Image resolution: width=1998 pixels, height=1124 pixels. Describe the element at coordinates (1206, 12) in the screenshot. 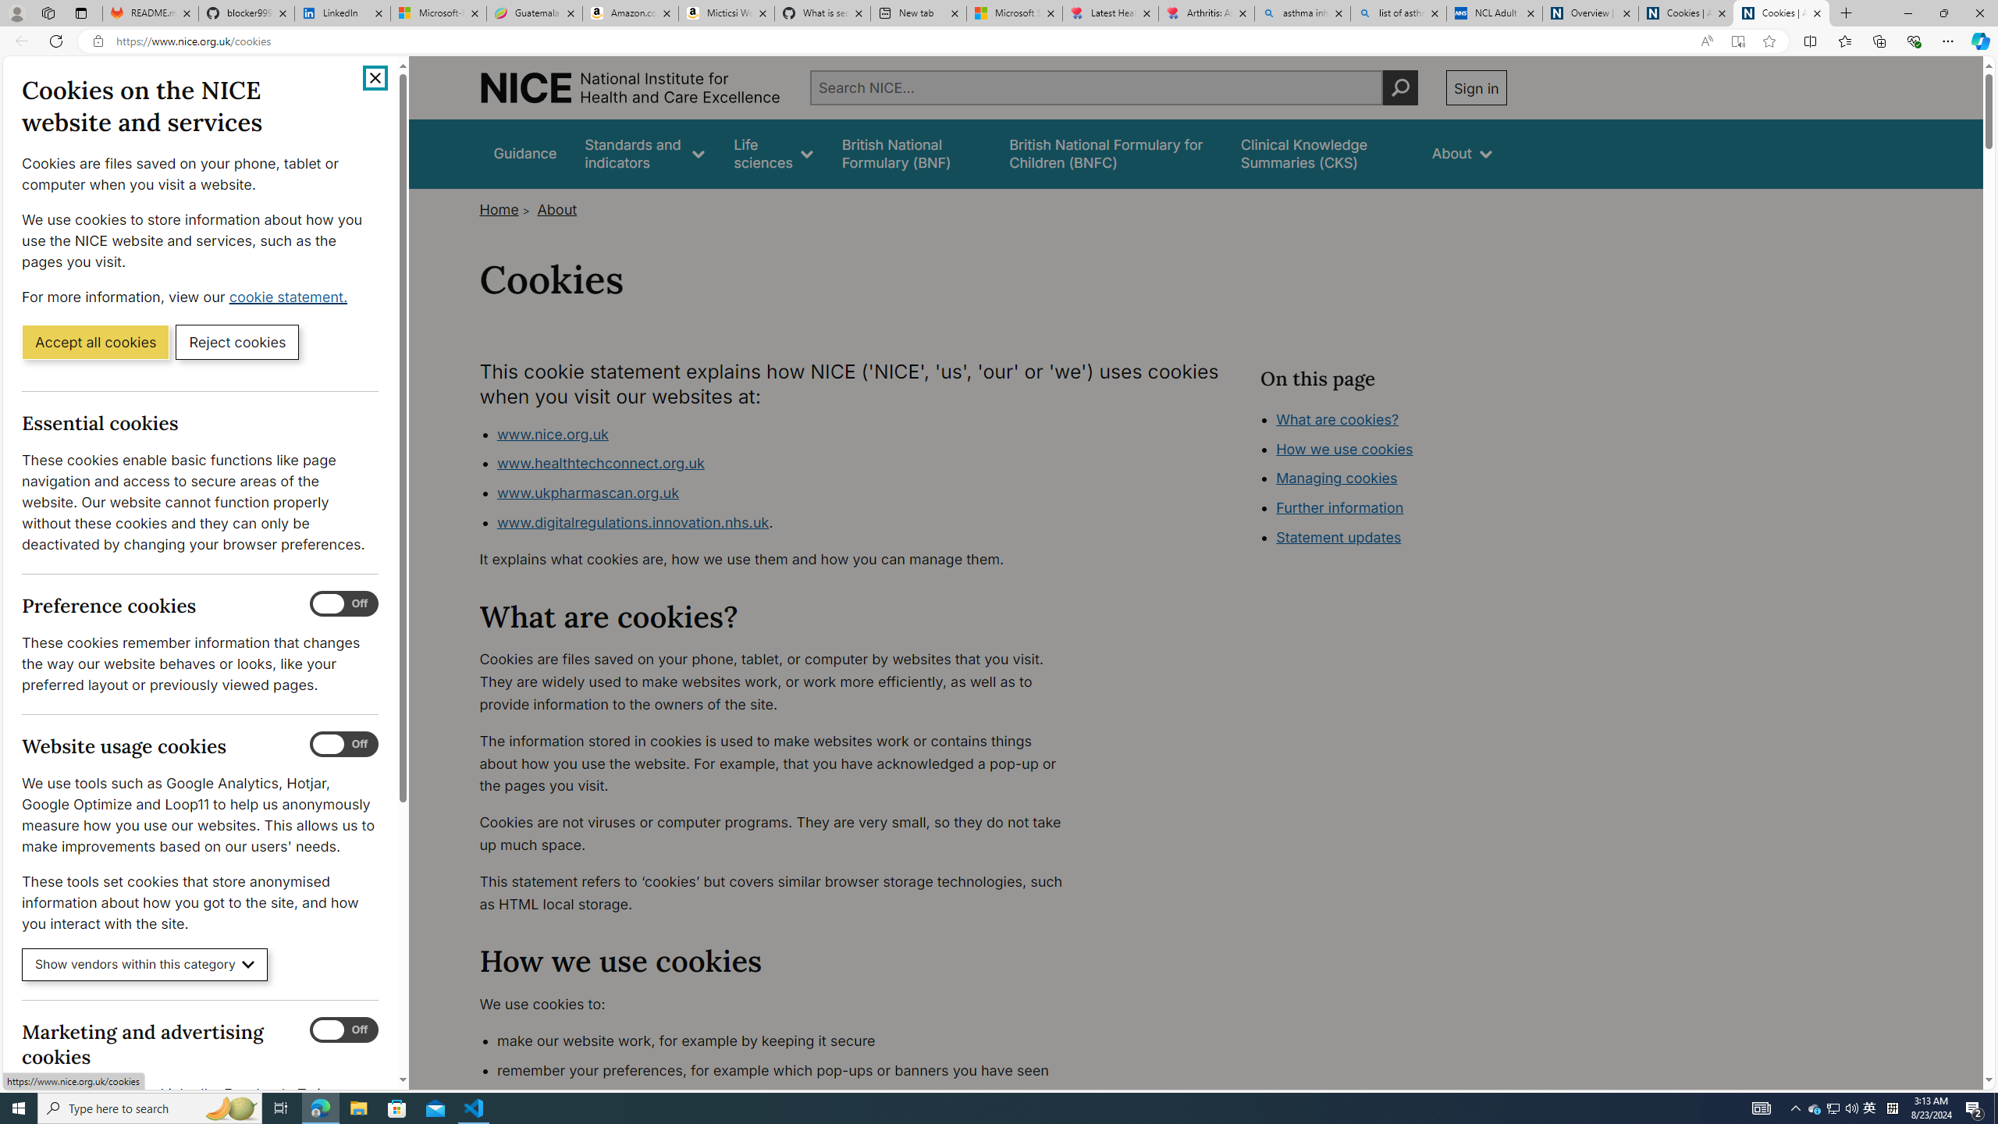

I see `'Arthritis: Ask Health Professionals'` at that location.